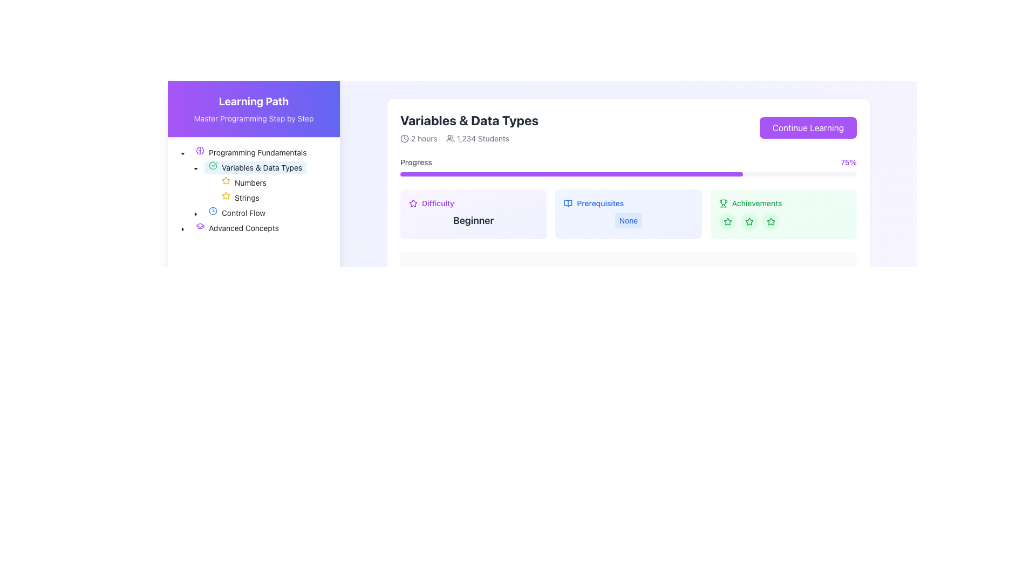  Describe the element at coordinates (723, 204) in the screenshot. I see `the trophy-shaped icon representing achievements, located at the leftmost position of the layout beside the text 'Achievements'` at that location.